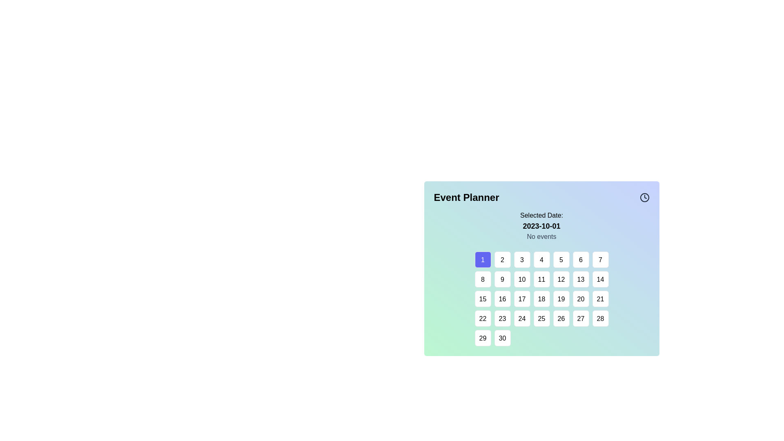 The width and height of the screenshot is (784, 441). I want to click on the calendar date button representing the day '18' in the 'Event Planner' section, so click(541, 299).